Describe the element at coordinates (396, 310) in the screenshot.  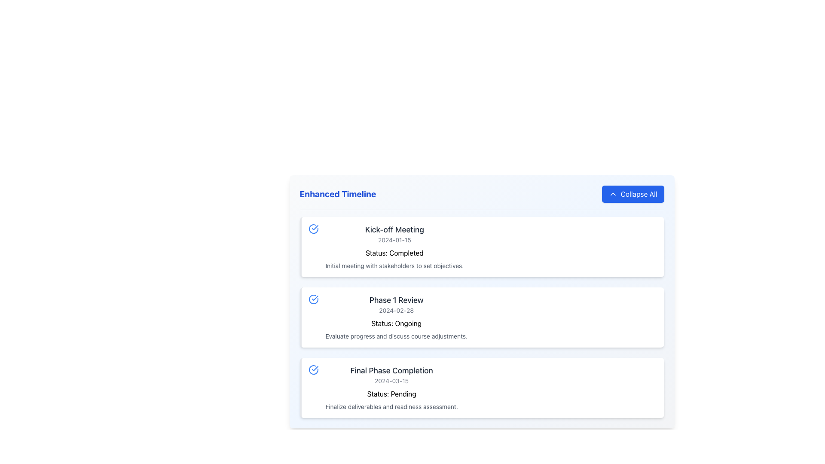
I see `the Text label displaying the date, which is in a smaller gray font below the 'Phase 1 Review' title and above the 'Status: Ongoing' label` at that location.